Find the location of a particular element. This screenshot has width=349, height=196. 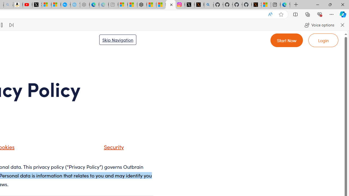

'Amazon Echo Dot PNG - Search Images - Sleeping' is located at coordinates (8, 5).